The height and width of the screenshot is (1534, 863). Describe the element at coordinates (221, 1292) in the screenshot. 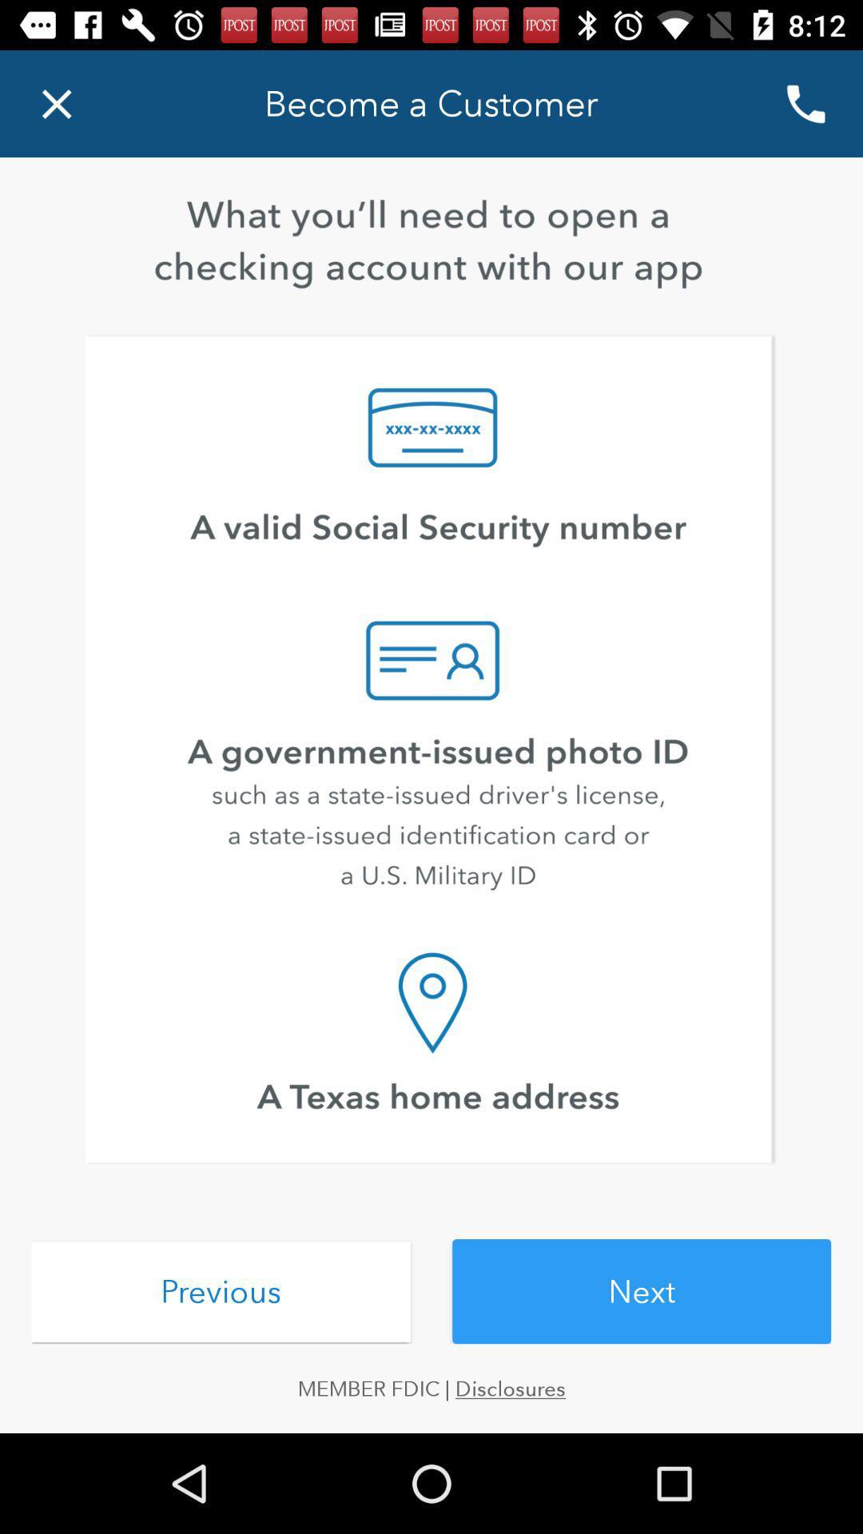

I see `the previous at the bottom left corner` at that location.